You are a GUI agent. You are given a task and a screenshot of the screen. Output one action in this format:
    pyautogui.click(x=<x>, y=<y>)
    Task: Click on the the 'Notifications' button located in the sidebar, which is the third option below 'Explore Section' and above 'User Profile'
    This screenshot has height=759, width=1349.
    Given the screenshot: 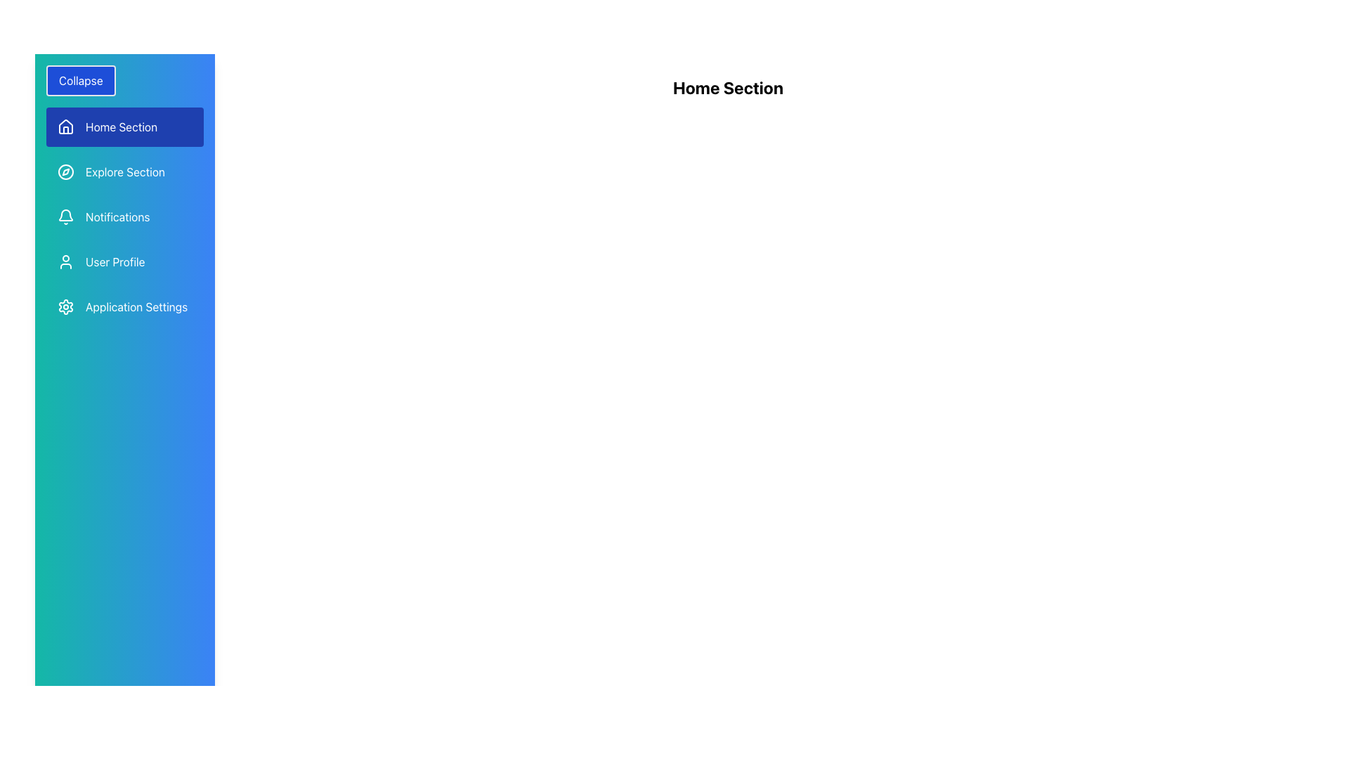 What is the action you would take?
    pyautogui.click(x=124, y=216)
    